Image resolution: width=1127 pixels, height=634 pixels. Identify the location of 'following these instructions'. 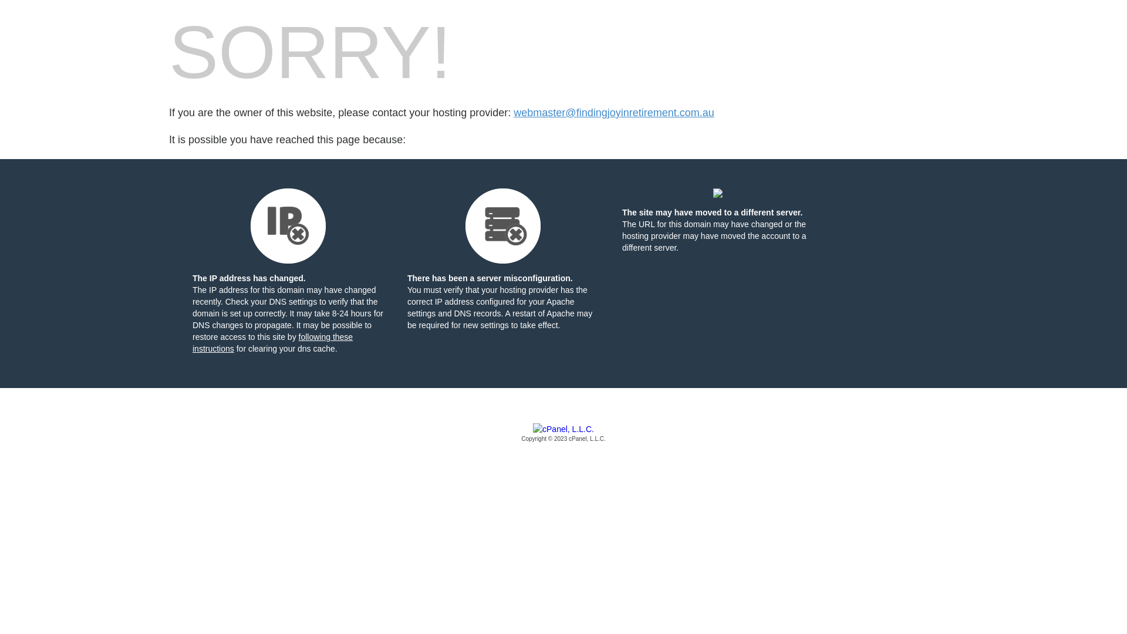
(272, 342).